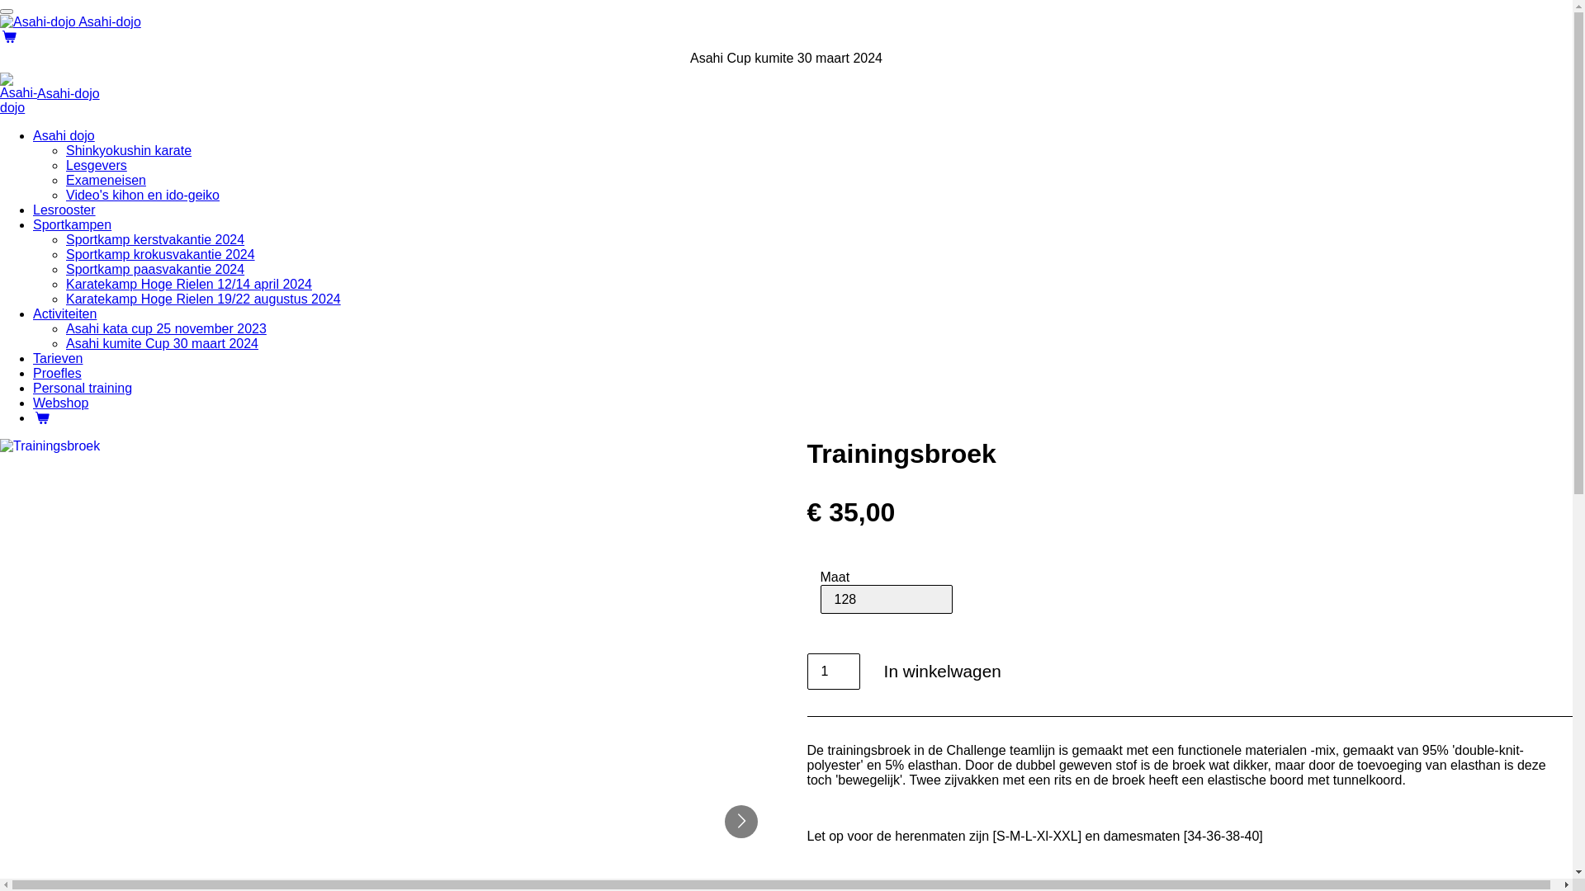  What do you see at coordinates (82, 388) in the screenshot?
I see `'Personal training'` at bounding box center [82, 388].